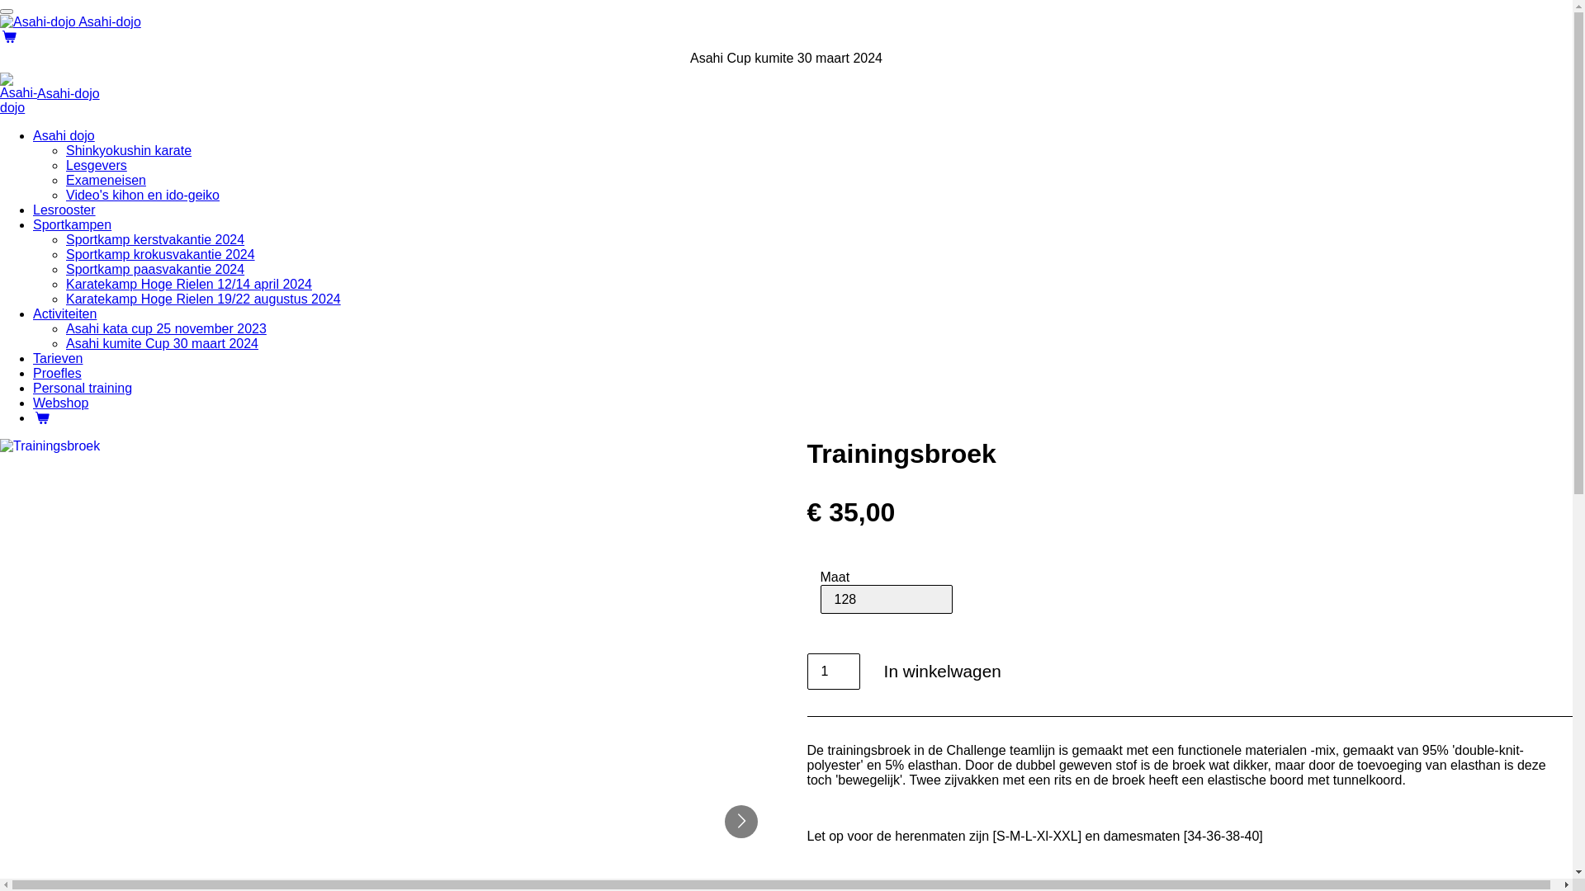  What do you see at coordinates (82, 388) in the screenshot?
I see `'Personal training'` at bounding box center [82, 388].